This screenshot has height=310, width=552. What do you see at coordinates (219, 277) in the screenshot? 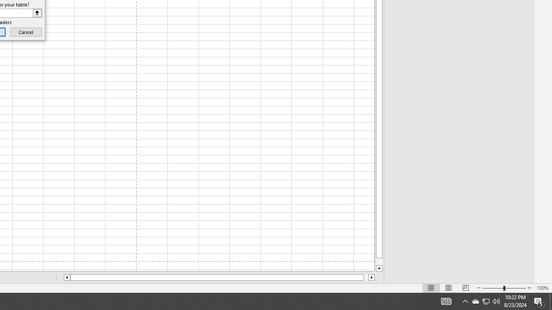
I see `'Class: NetUIScrollBar'` at bounding box center [219, 277].